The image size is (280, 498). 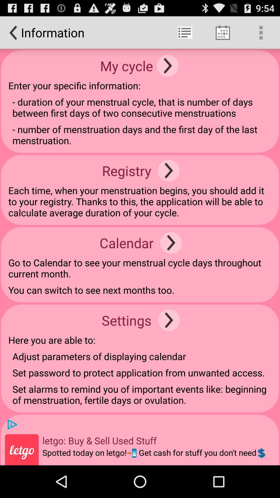 I want to click on letgo buy sell app, so click(x=100, y=440).